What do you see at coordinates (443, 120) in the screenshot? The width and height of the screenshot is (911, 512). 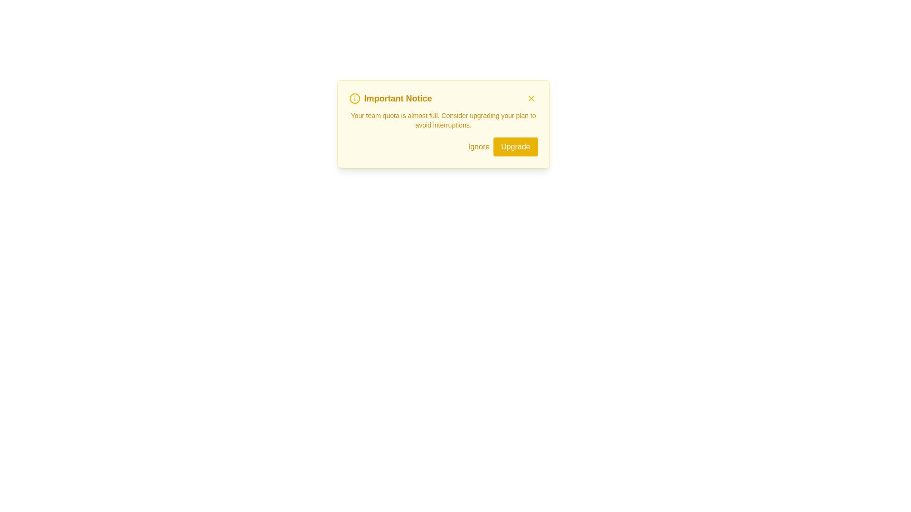 I see `the warning label displaying 'Your team quota is almost full. Consider upgrading your plan to avoid interruptions.', which is located below the 'Important Notice' title and above the buttons 'Ignore' and 'Upgrade'` at bounding box center [443, 120].